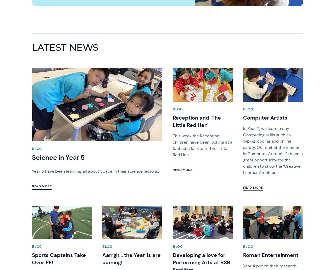 The width and height of the screenshot is (335, 270). Describe the element at coordinates (265, 117) in the screenshot. I see `'Computer Artists'` at that location.